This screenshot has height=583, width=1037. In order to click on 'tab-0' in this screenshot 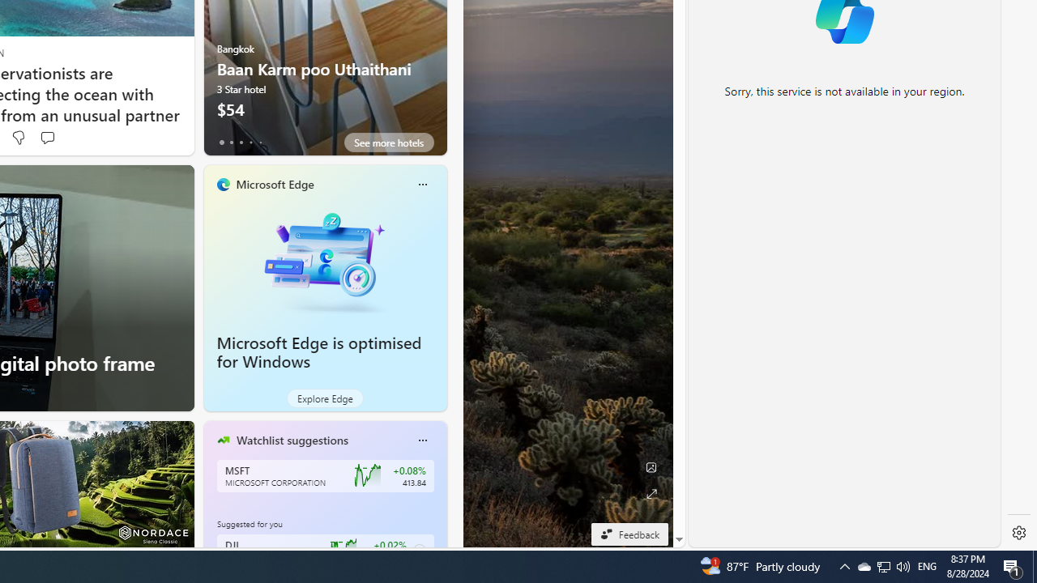, I will do `click(220, 142)`.